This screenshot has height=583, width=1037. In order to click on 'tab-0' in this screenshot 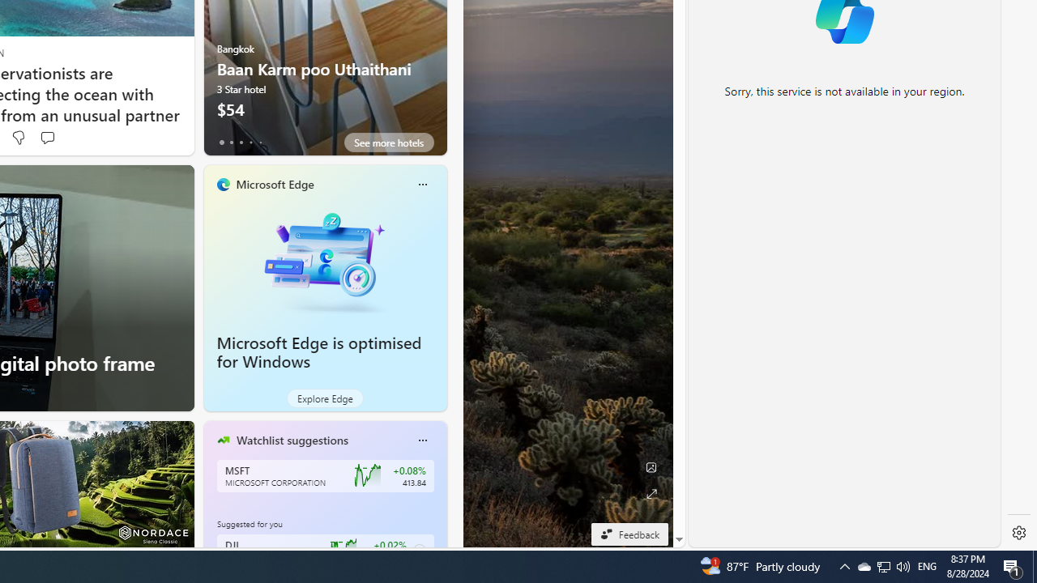, I will do `click(220, 142)`.